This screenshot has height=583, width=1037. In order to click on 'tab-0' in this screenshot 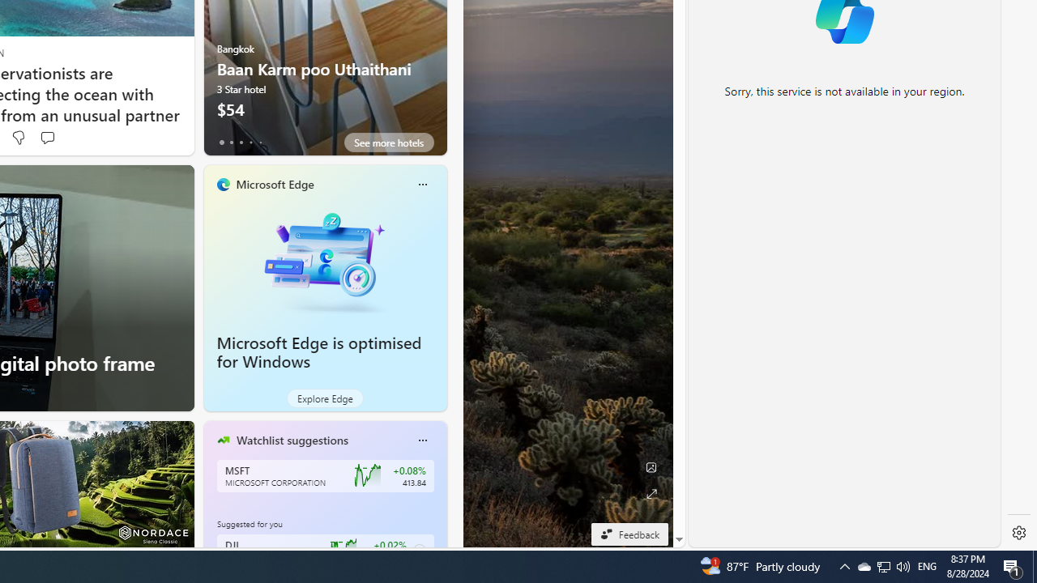, I will do `click(220, 142)`.